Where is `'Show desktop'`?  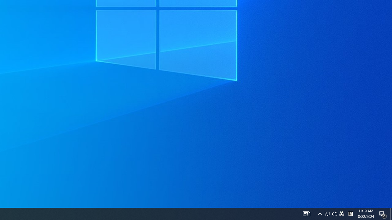
'Show desktop' is located at coordinates (391, 213).